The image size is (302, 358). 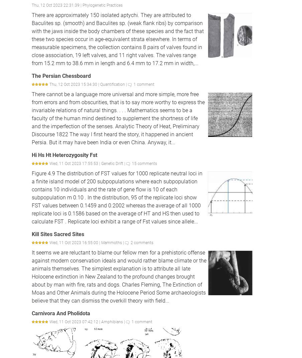 I want to click on 'Phylogenetic Practices', so click(x=102, y=5).